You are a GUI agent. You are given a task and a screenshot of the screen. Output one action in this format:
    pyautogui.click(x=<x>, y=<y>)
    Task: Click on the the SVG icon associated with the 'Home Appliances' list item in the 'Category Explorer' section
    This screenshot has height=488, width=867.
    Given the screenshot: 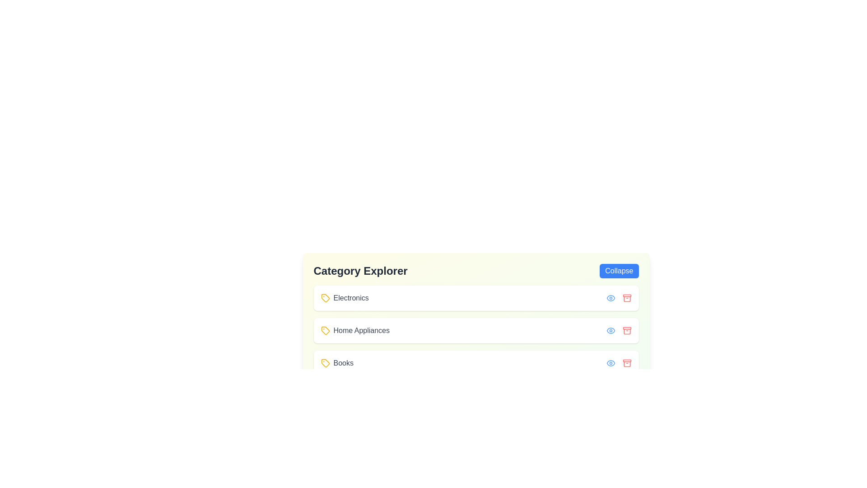 What is the action you would take?
    pyautogui.click(x=611, y=331)
    